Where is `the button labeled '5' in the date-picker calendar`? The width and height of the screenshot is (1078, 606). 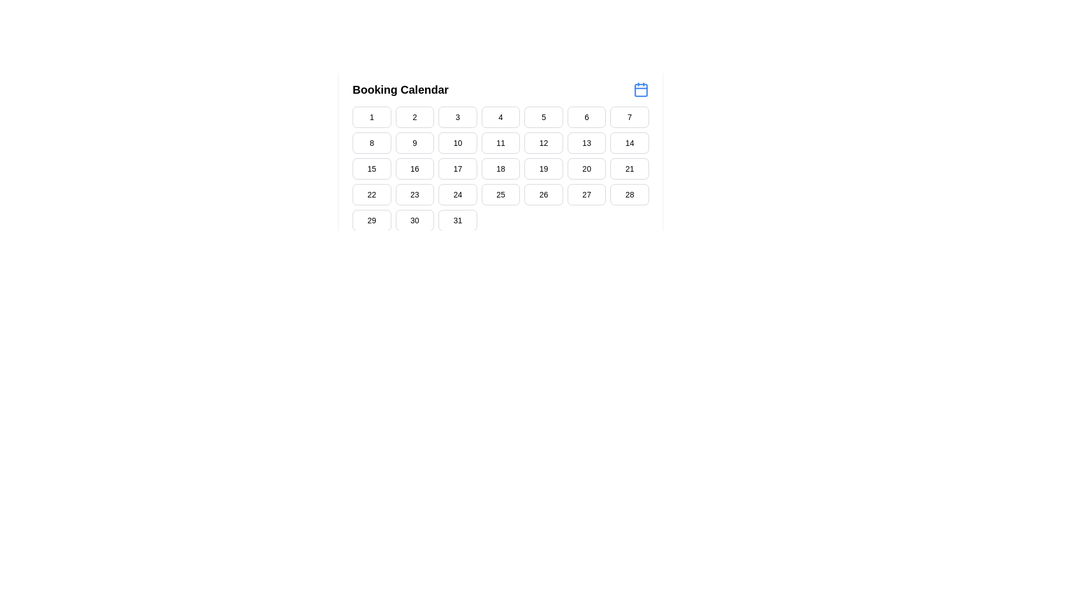 the button labeled '5' in the date-picker calendar is located at coordinates (543, 117).